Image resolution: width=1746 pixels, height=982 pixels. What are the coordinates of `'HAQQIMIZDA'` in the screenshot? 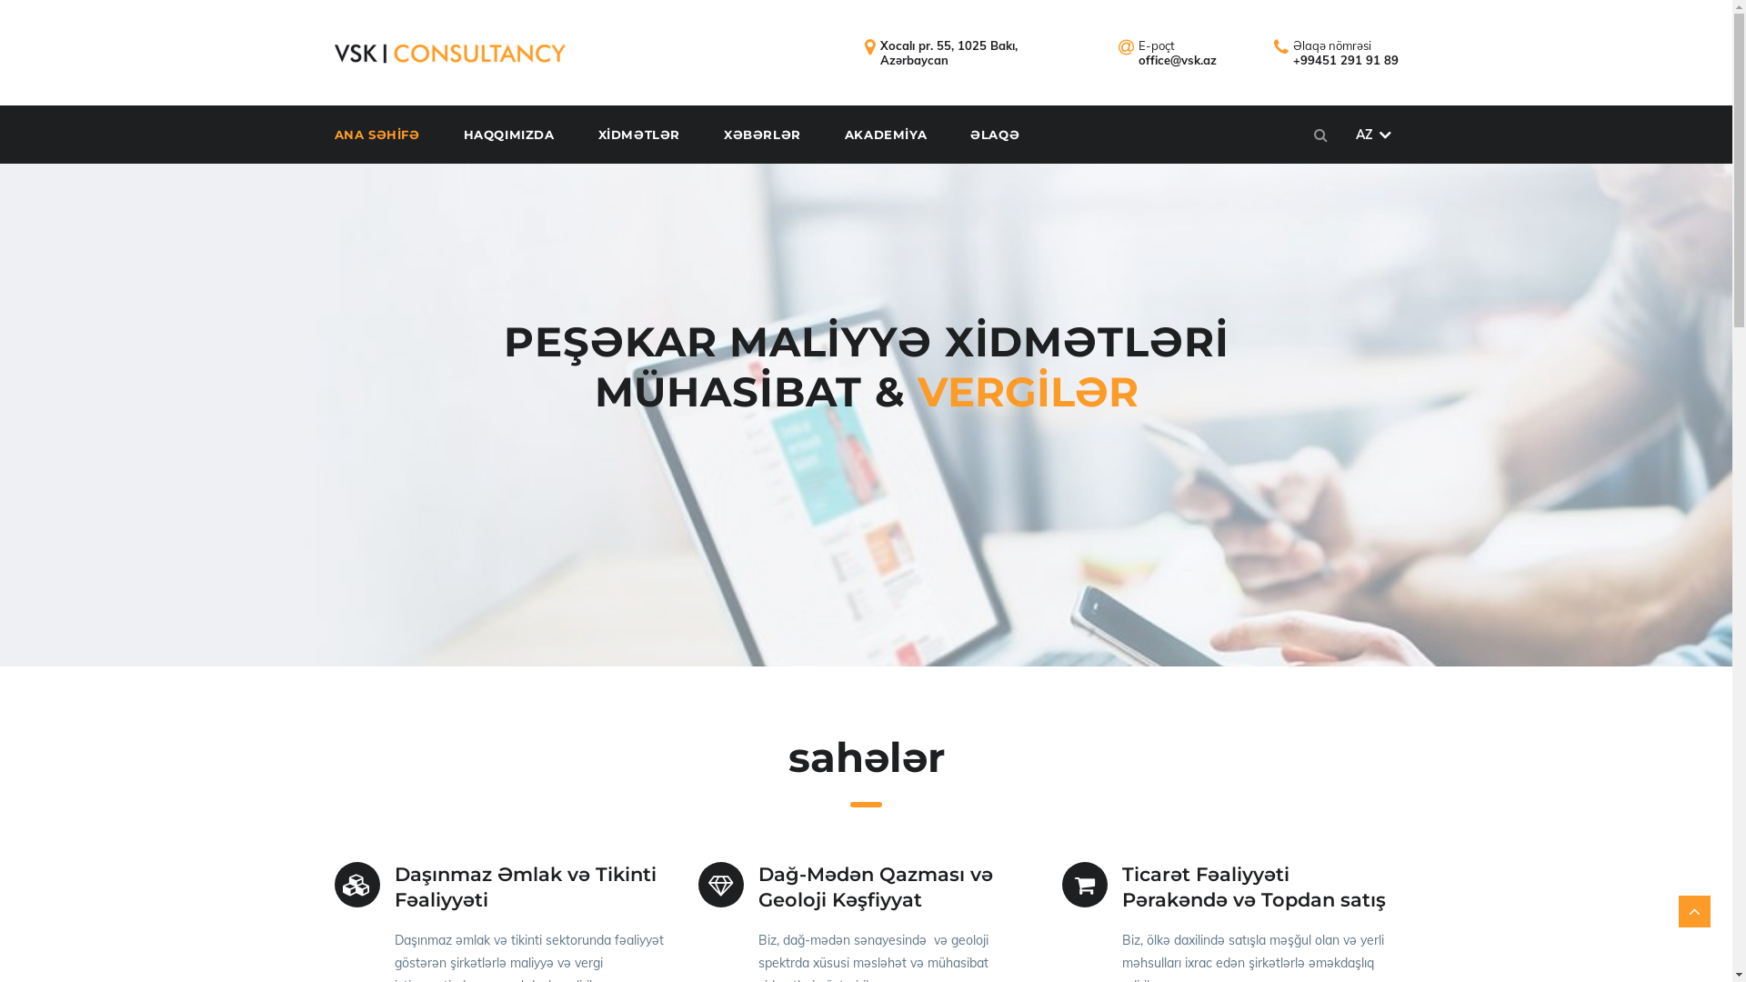 It's located at (527, 133).